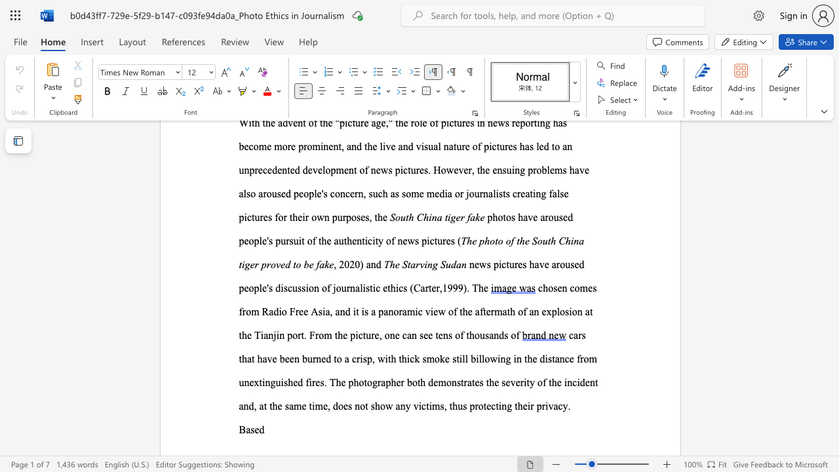 This screenshot has width=839, height=472. What do you see at coordinates (574, 382) in the screenshot?
I see `the 1th character "c" in the text` at bounding box center [574, 382].